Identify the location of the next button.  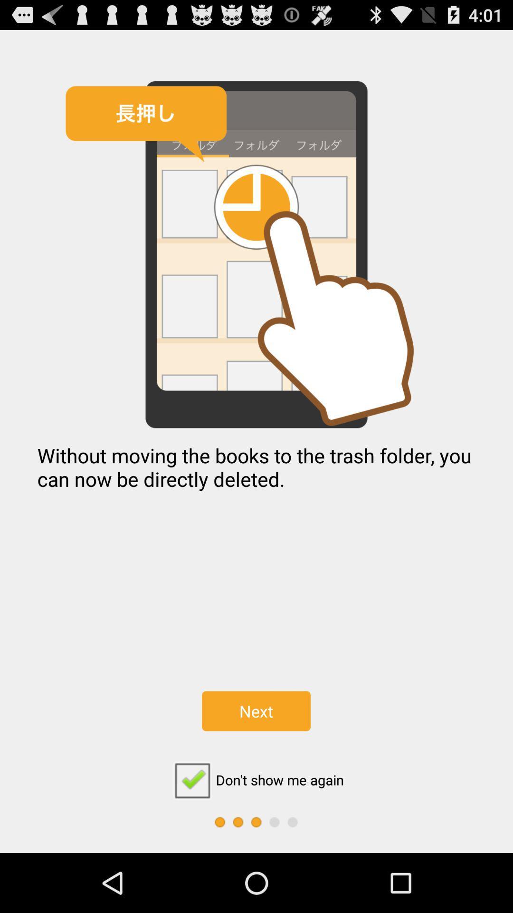
(256, 711).